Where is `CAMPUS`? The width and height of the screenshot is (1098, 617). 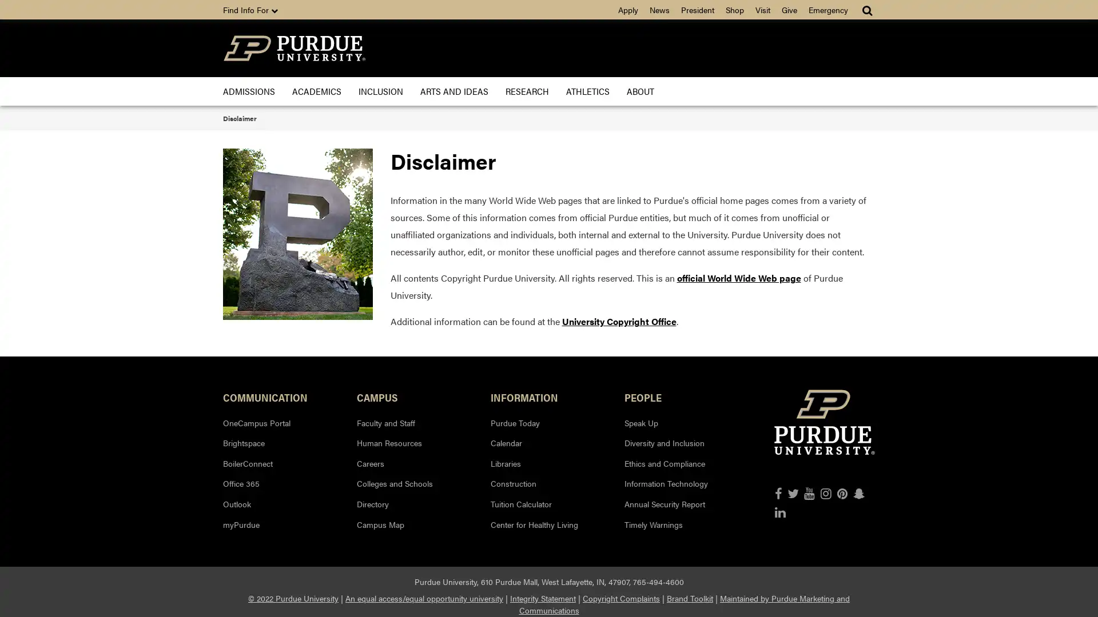
CAMPUS is located at coordinates (414, 394).